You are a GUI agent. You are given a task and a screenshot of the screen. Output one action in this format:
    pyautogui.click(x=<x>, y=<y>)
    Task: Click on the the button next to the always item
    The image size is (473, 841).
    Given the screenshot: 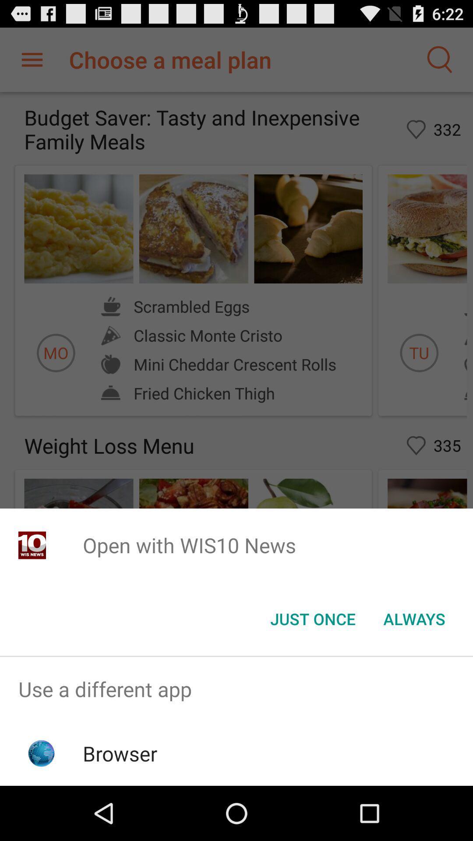 What is the action you would take?
    pyautogui.click(x=312, y=618)
    